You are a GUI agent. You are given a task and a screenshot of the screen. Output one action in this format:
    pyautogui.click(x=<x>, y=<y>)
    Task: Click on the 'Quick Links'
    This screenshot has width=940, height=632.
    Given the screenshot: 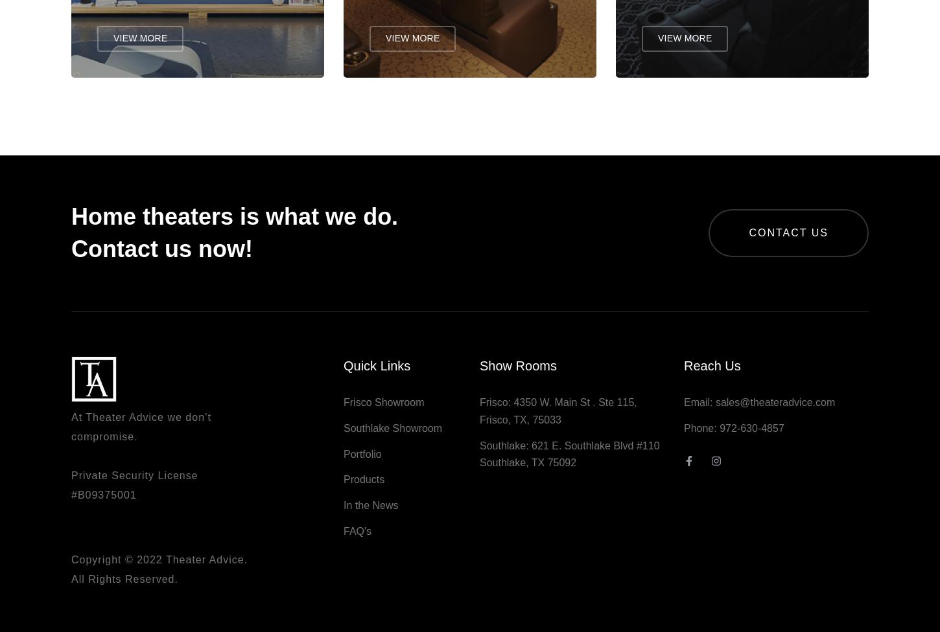 What is the action you would take?
    pyautogui.click(x=343, y=372)
    